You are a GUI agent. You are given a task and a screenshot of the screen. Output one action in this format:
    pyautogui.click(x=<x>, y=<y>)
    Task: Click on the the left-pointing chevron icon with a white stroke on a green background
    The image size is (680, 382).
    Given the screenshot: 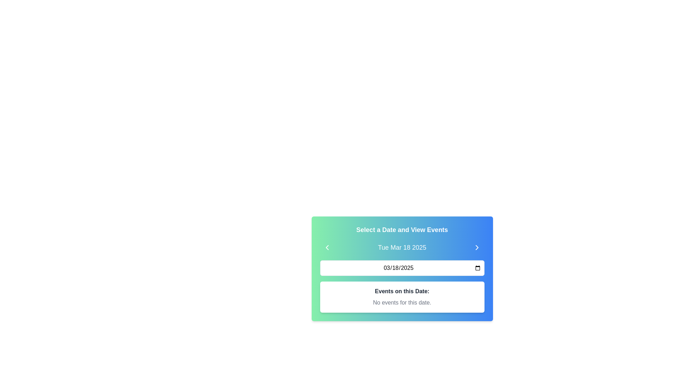 What is the action you would take?
    pyautogui.click(x=327, y=247)
    